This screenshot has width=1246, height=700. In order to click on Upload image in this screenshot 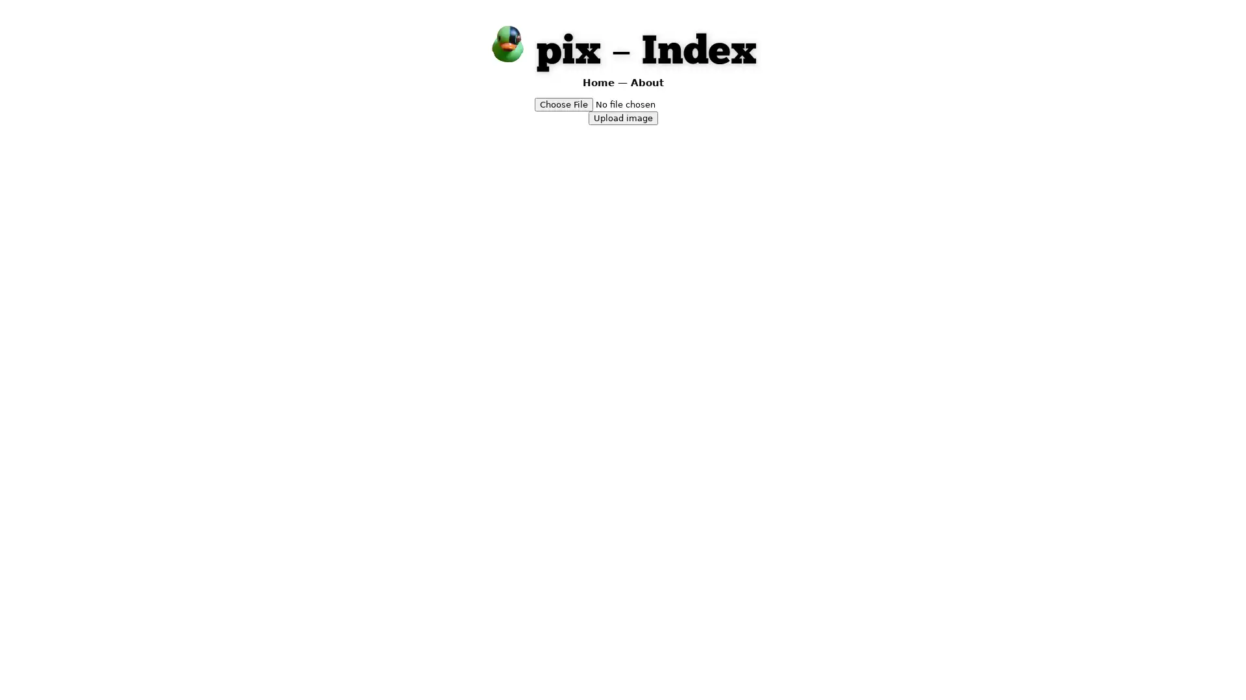, I will do `click(622, 117)`.